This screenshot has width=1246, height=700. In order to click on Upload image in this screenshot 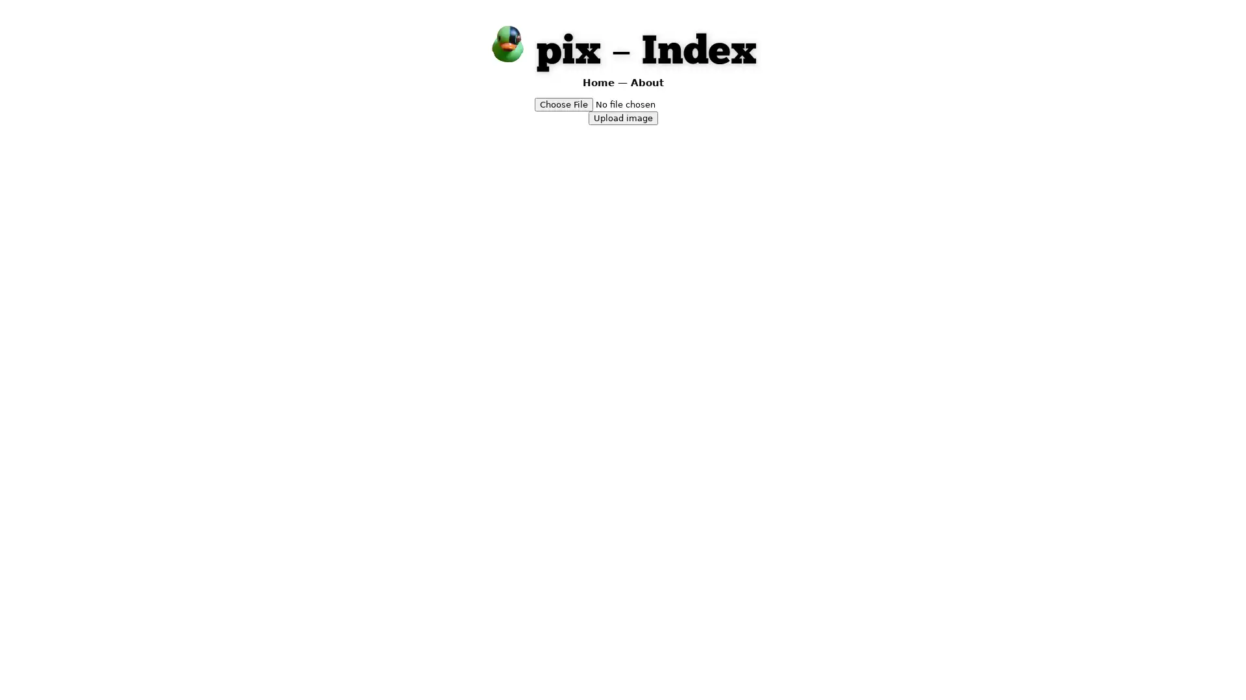, I will do `click(622, 117)`.